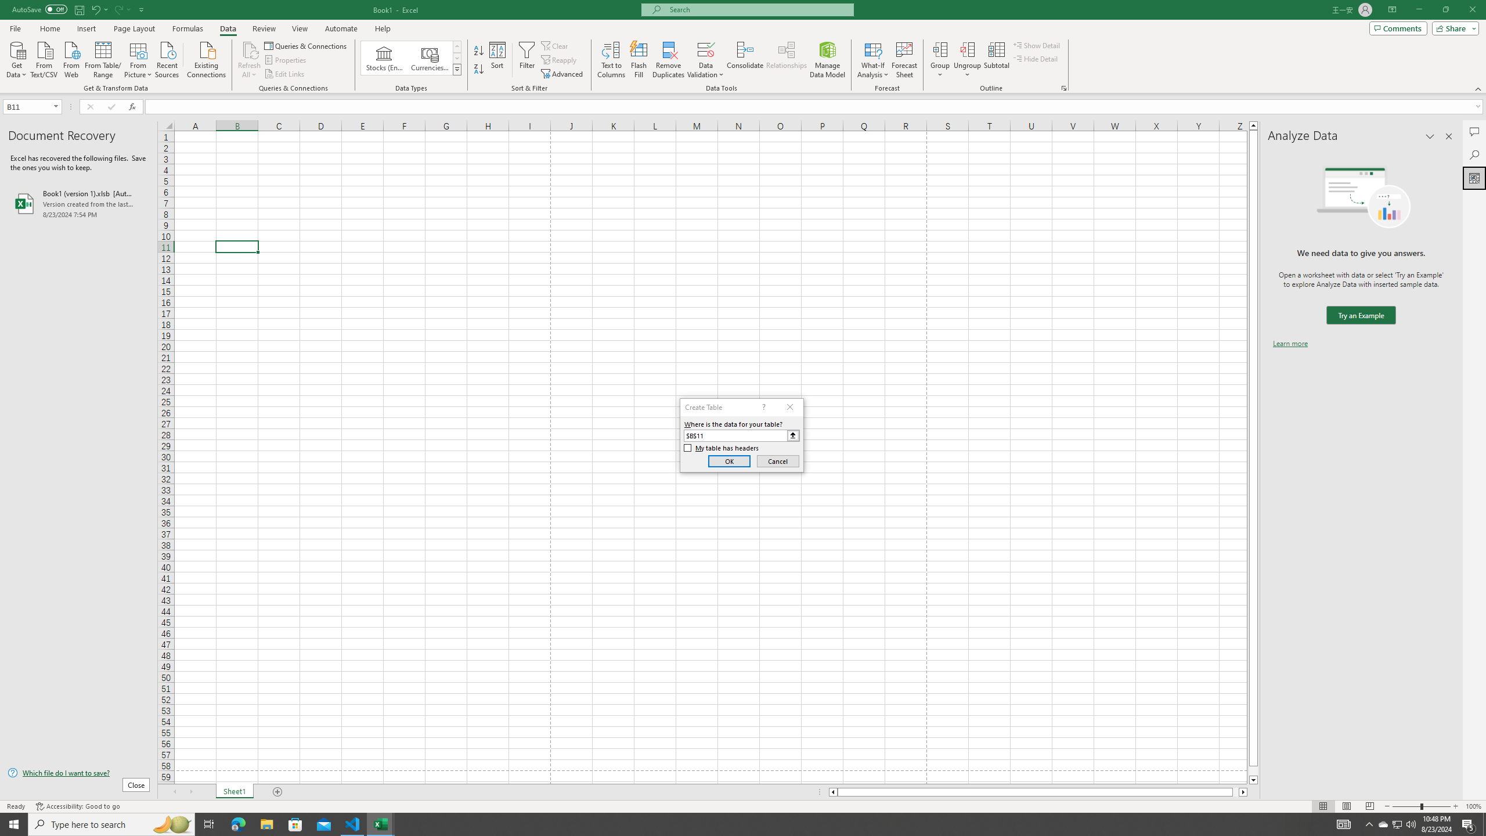 Image resolution: width=1486 pixels, height=836 pixels. What do you see at coordinates (526, 60) in the screenshot?
I see `'Filter'` at bounding box center [526, 60].